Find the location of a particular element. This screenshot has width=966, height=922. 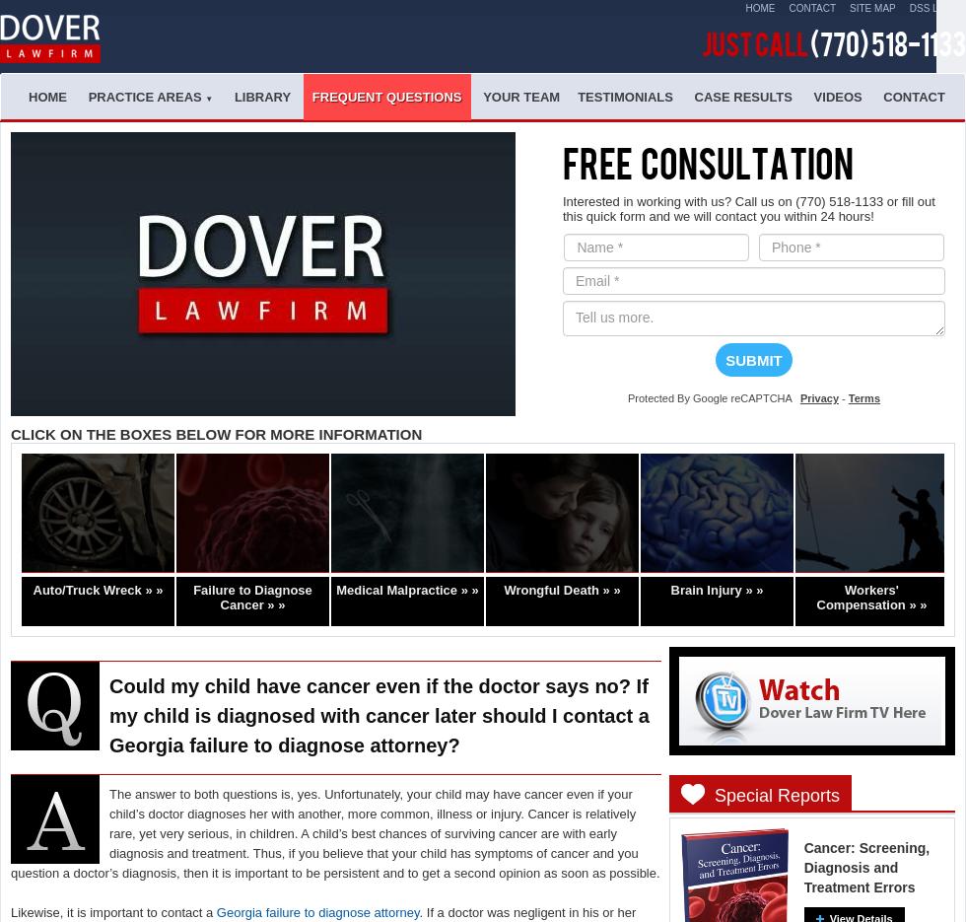

'The answer to both questions is, yes. Unfortunately, your child may have cancer even if your child’s doctor diagnoses her with another, more common, illness or injury. Cancer is relatively rare, yet very serious, in children. A child’s best chances of surviving cancer are with early diagnosis and treatment. Thus, if you believe that your child has symptoms of cancer and you question a doctor’s diagnosis, then it is important to be persistent and to get a second opinion as soon as possible.' is located at coordinates (334, 833).